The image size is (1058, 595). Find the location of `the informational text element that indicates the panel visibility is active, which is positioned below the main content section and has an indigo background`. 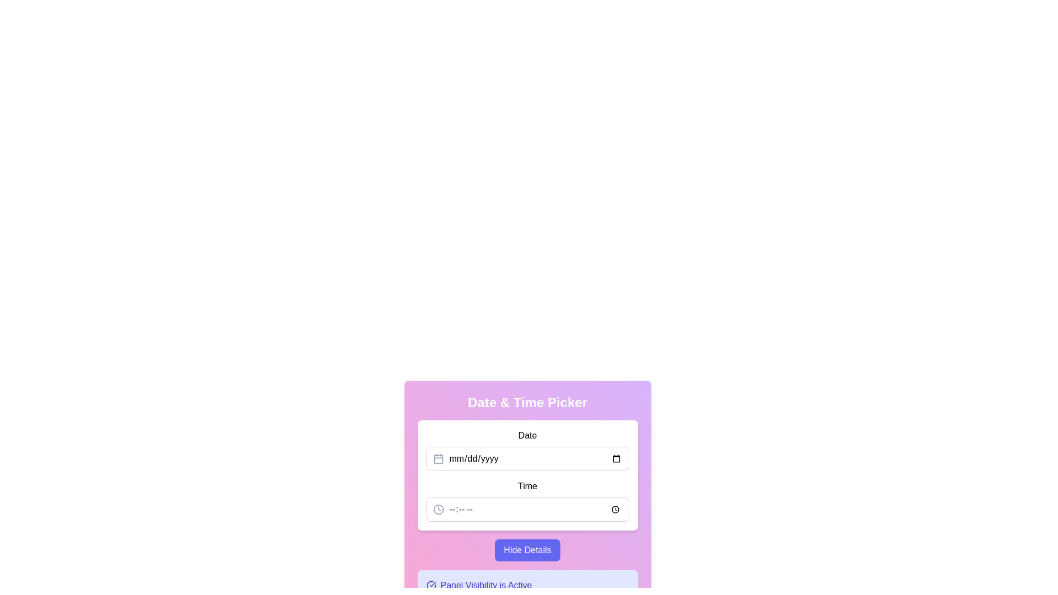

the informational text element that indicates the panel visibility is active, which is positioned below the main content section and has an indigo background is located at coordinates (527, 585).